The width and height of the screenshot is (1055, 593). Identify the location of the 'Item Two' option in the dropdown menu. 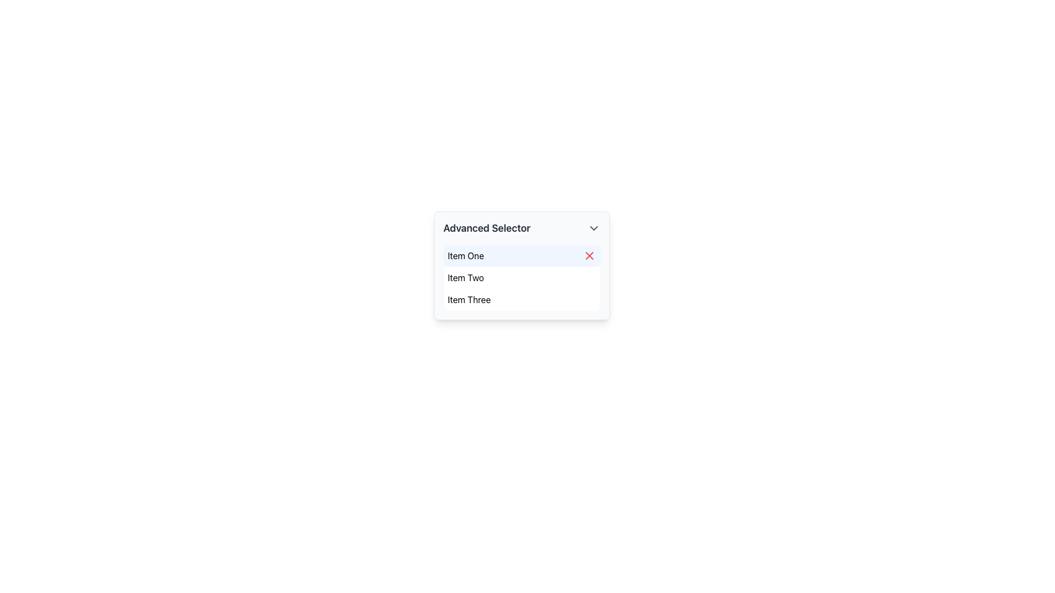
(465, 277).